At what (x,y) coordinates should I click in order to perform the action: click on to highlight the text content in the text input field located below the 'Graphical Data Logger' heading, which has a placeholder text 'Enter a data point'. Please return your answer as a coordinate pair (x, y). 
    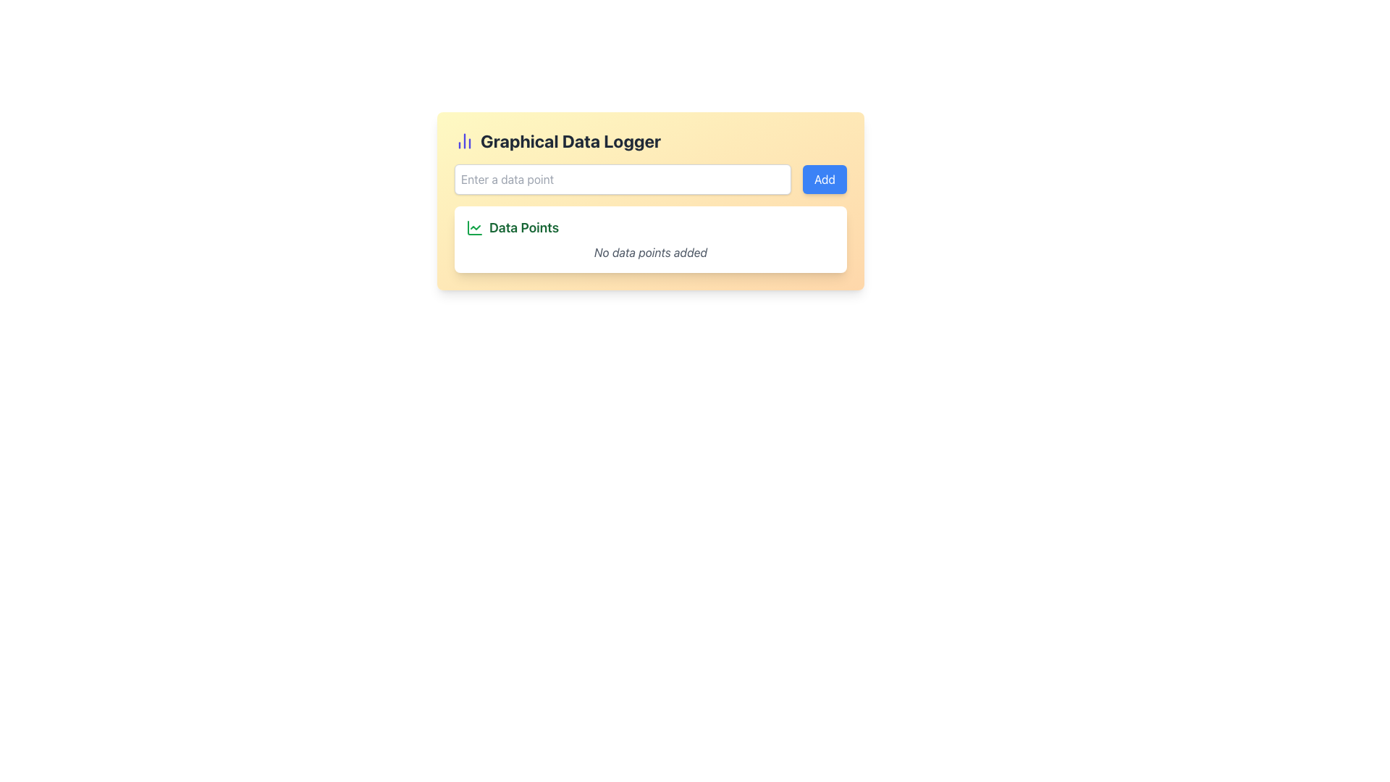
    Looking at the image, I should click on (649, 178).